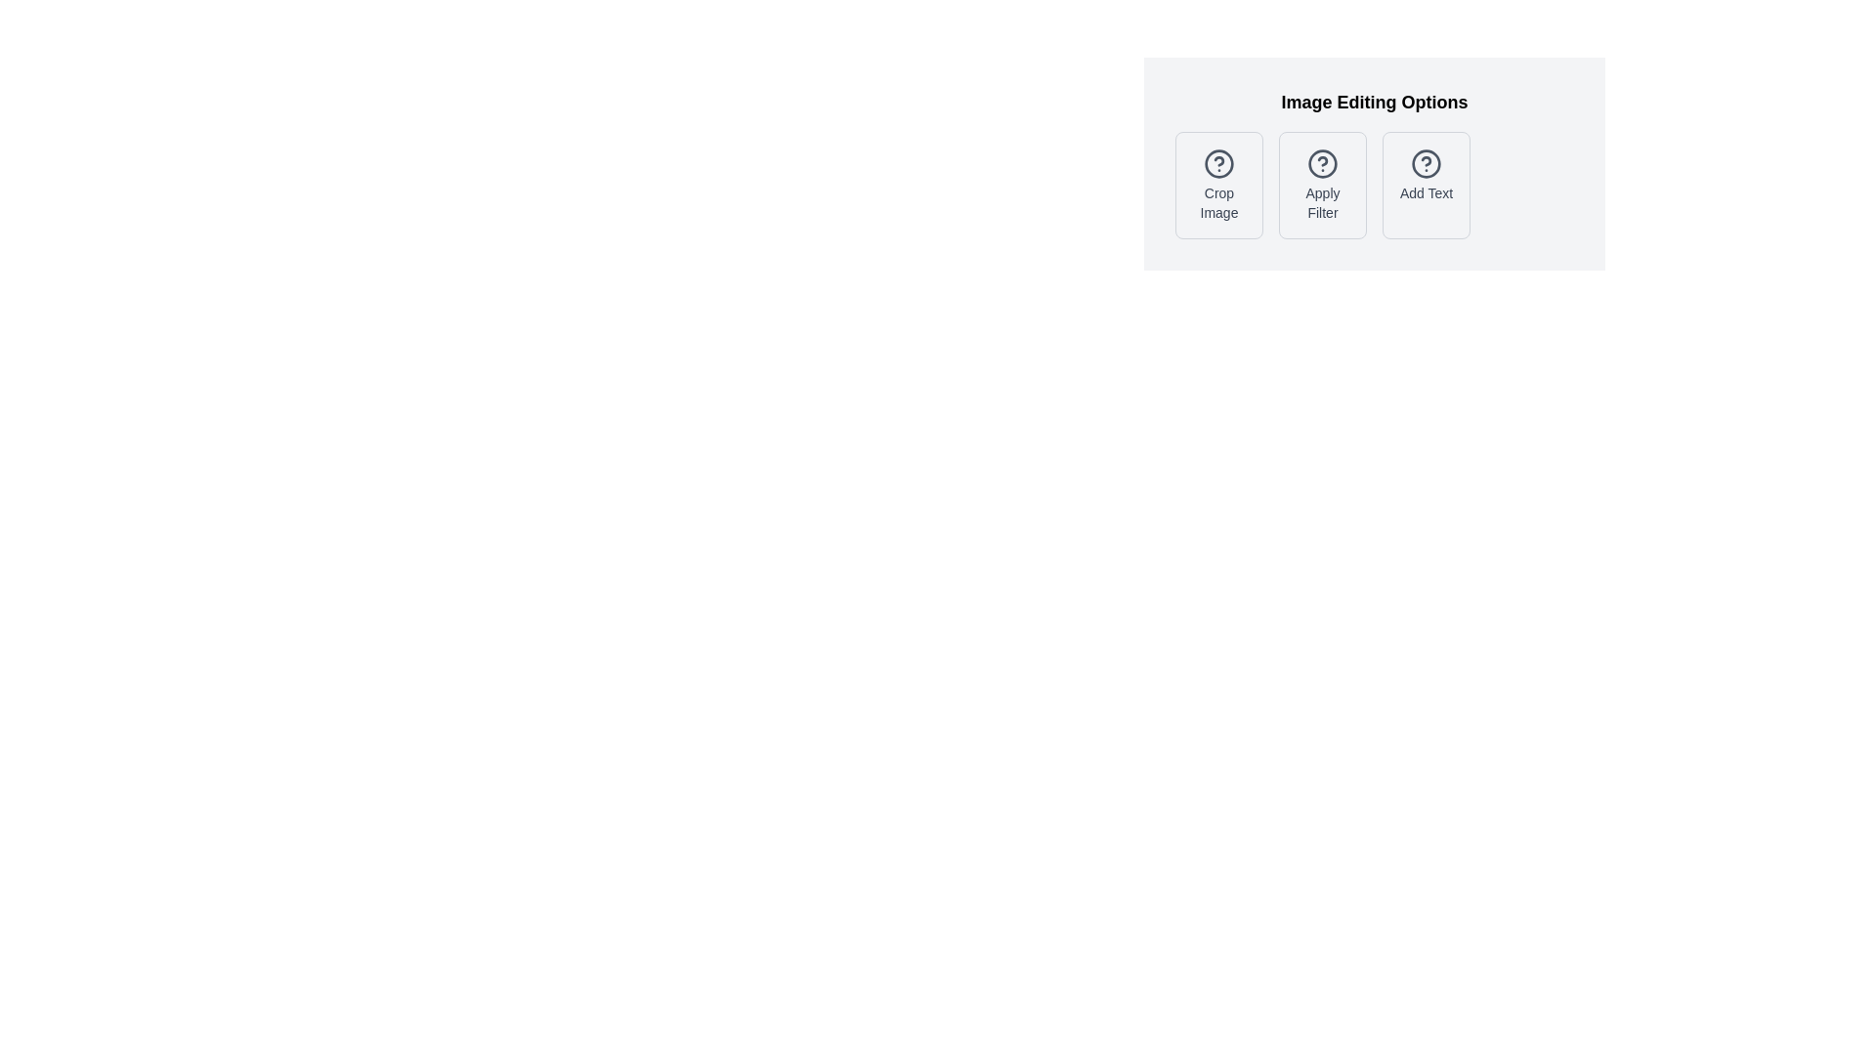 Image resolution: width=1876 pixels, height=1055 pixels. What do you see at coordinates (1218, 203) in the screenshot?
I see `text content of the 'Crop Image' label, which is displayed in gray beneath a help circle icon in the leftmost option of the menu` at bounding box center [1218, 203].